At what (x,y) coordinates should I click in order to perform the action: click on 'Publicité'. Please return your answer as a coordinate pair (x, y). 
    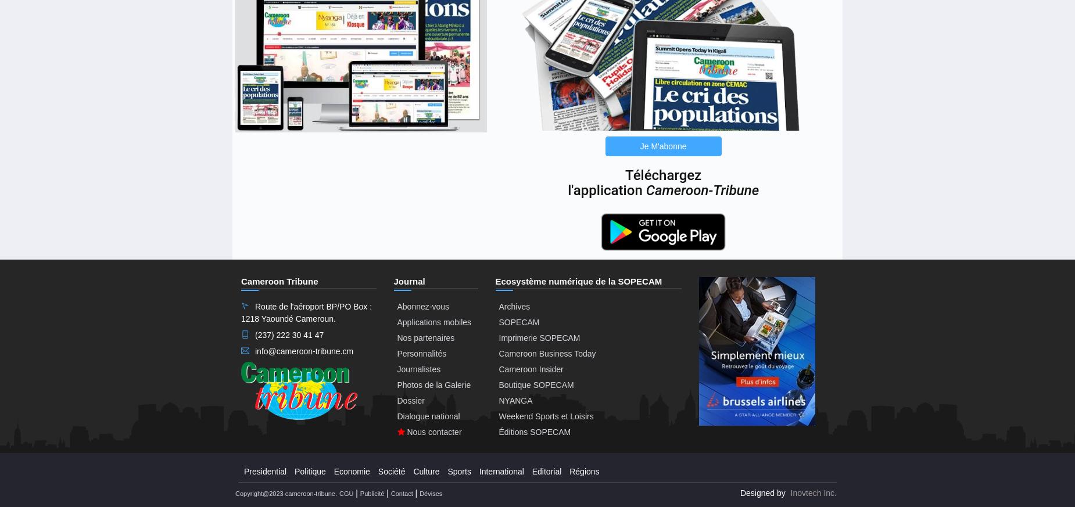
    Looking at the image, I should click on (360, 492).